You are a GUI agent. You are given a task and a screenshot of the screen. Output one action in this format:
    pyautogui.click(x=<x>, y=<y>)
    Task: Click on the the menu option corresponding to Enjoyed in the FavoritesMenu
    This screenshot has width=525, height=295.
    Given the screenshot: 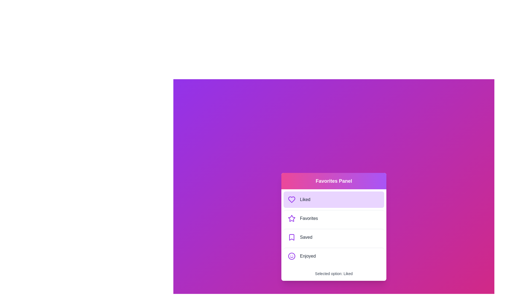 What is the action you would take?
    pyautogui.click(x=333, y=256)
    